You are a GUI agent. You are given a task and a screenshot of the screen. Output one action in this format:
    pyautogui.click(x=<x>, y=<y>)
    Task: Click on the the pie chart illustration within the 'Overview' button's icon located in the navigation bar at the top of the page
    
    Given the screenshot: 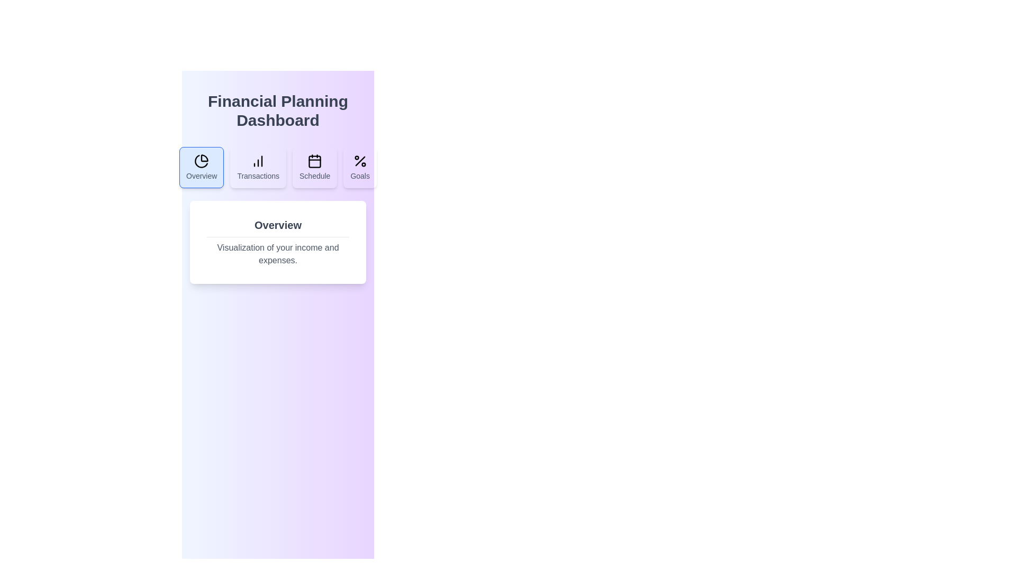 What is the action you would take?
    pyautogui.click(x=201, y=161)
    